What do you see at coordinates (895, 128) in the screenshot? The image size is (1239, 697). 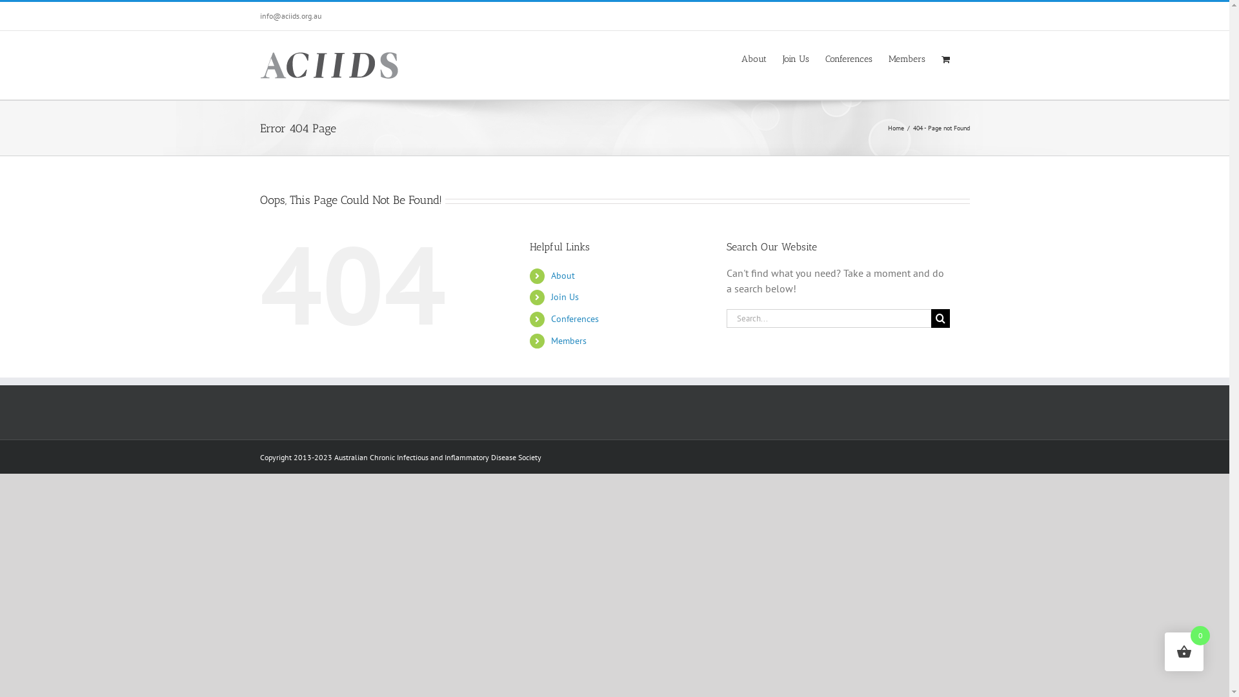 I see `'Home'` at bounding box center [895, 128].